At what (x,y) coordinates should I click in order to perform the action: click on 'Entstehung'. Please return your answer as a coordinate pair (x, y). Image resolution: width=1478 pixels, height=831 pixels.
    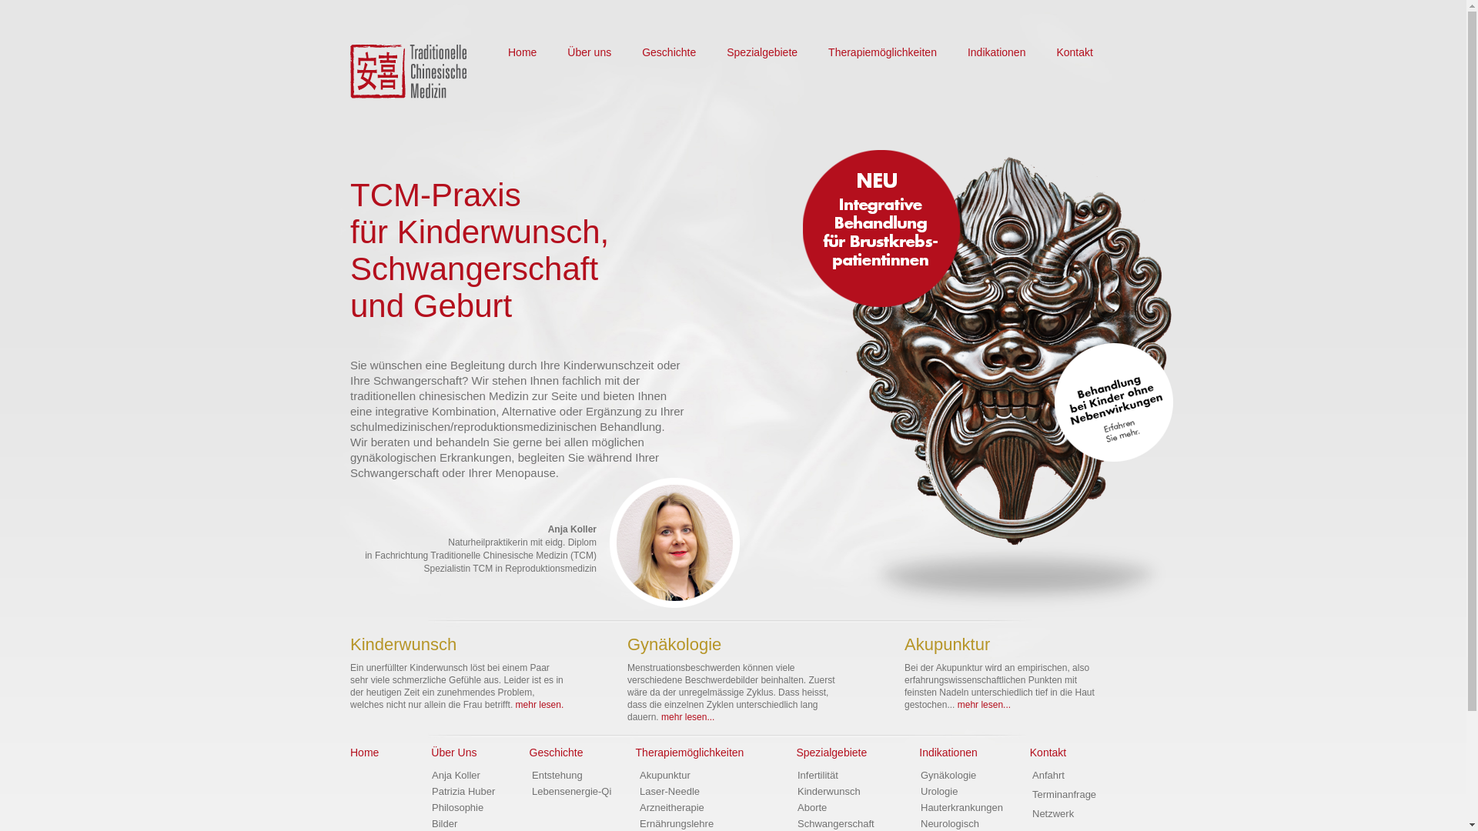
    Looking at the image, I should click on (557, 775).